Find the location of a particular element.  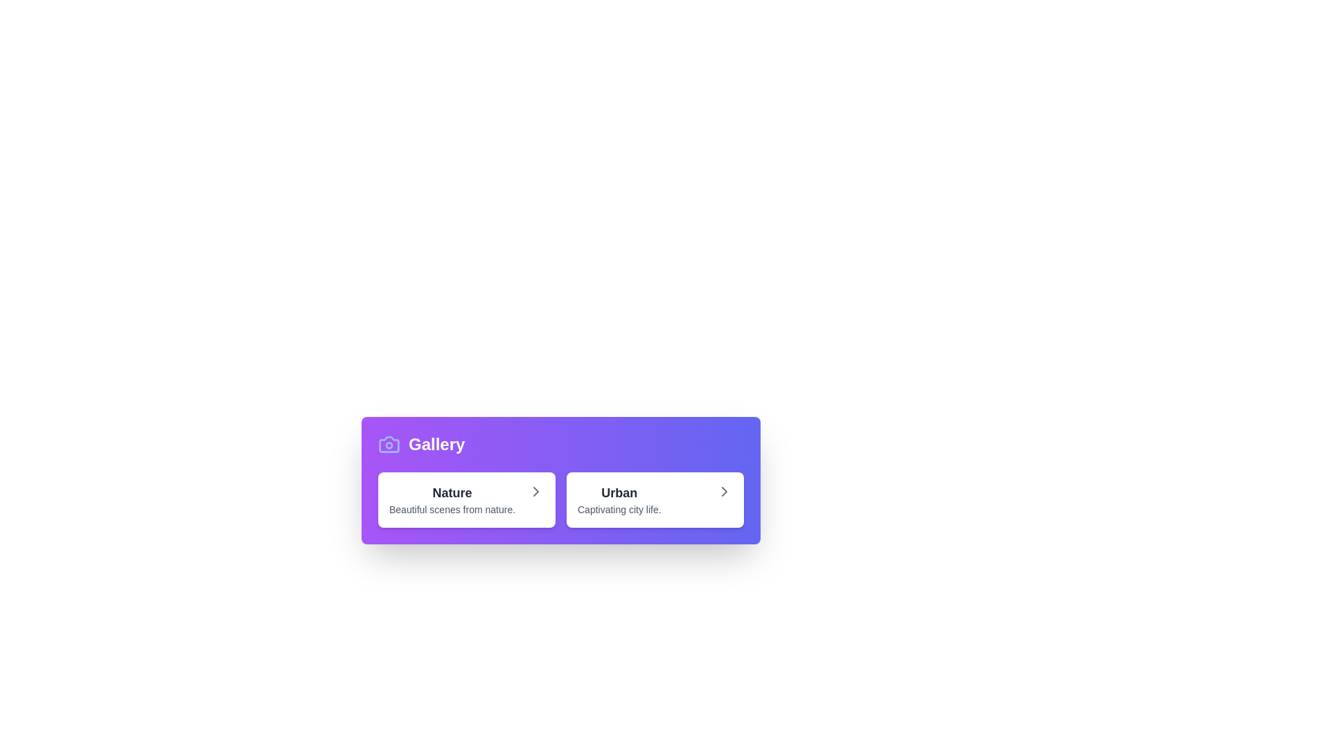

the chevron icon located on the far right end of the 'Urban' button within the purple 'Gallery' section is located at coordinates (724, 490).